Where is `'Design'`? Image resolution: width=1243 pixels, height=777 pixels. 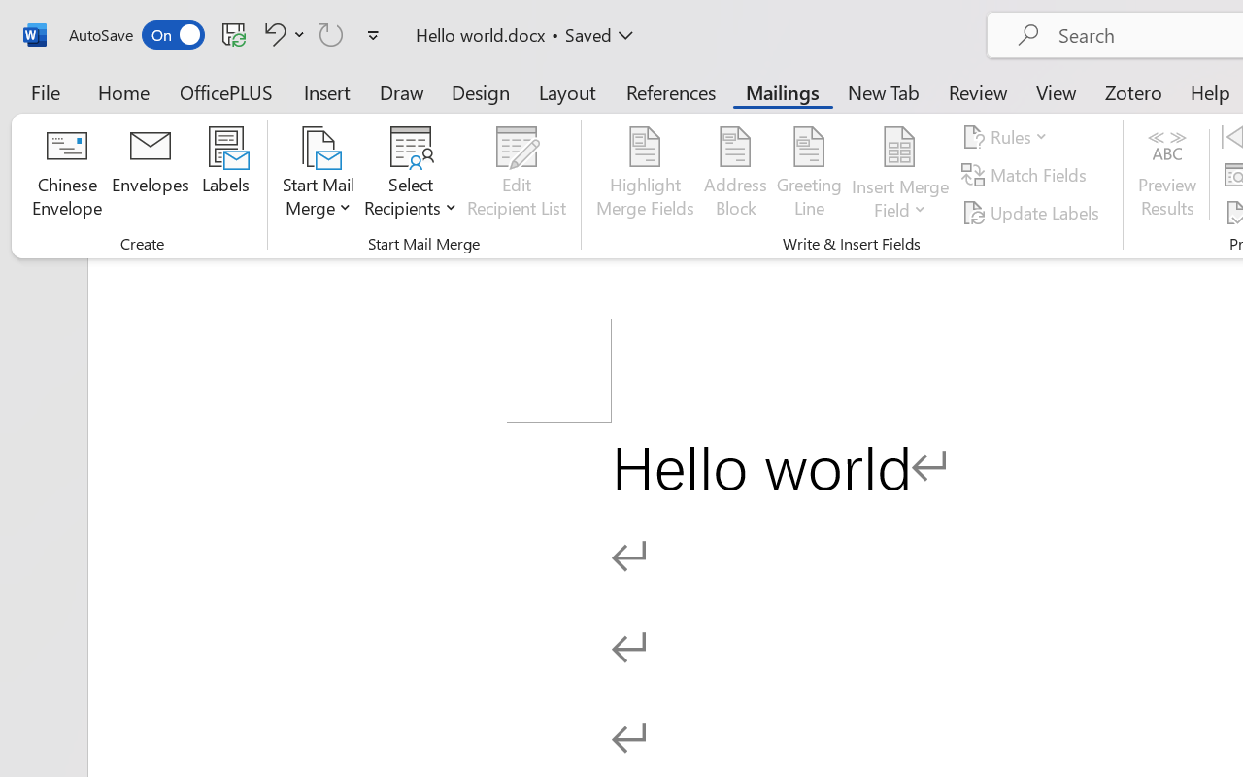 'Design' is located at coordinates (481, 91).